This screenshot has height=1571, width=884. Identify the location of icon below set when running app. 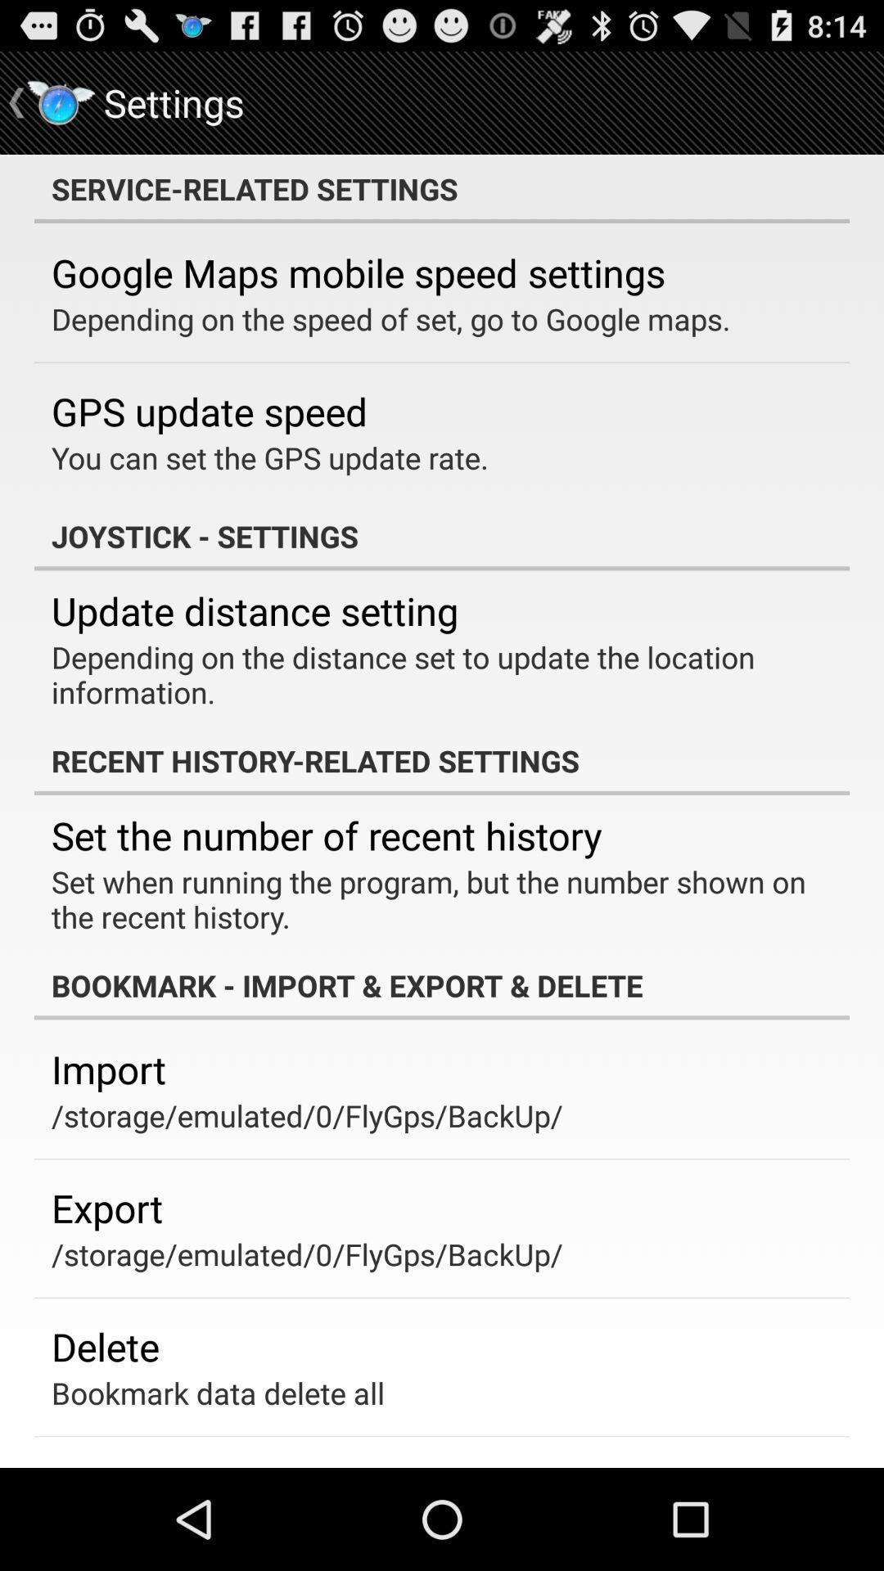
(442, 984).